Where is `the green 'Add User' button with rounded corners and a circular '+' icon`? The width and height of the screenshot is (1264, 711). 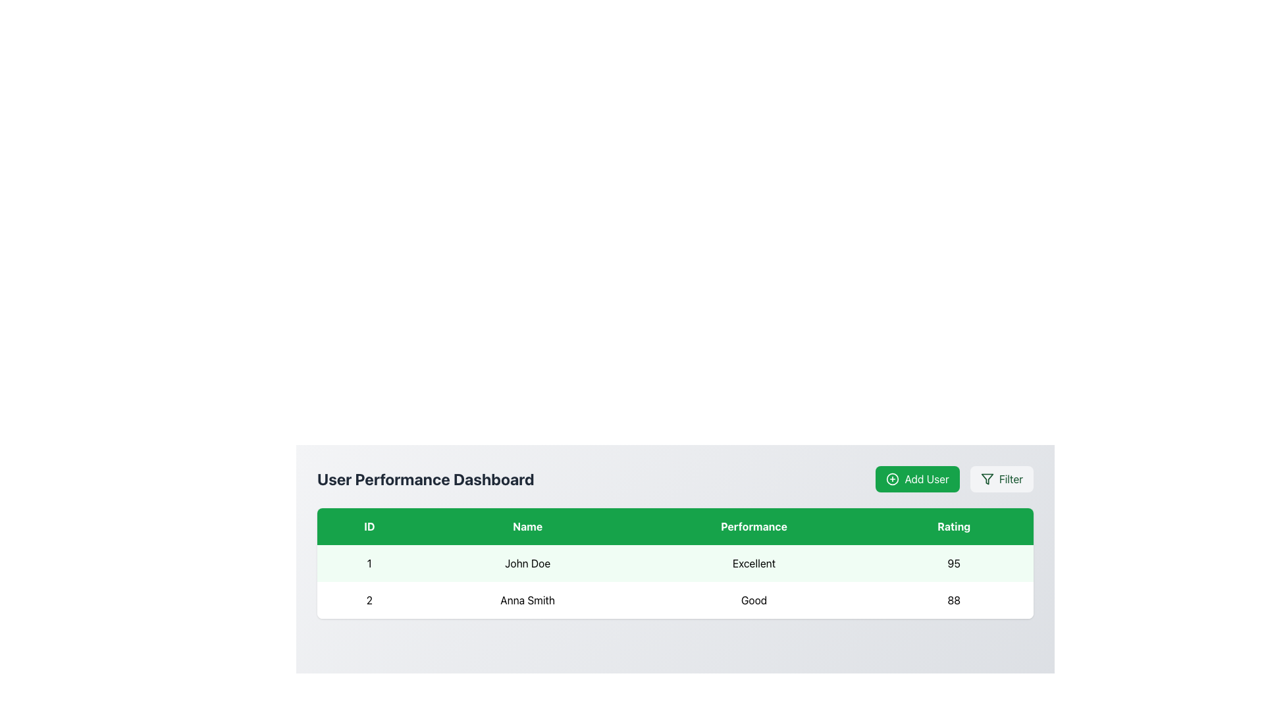 the green 'Add User' button with rounded corners and a circular '+' icon is located at coordinates (954, 479).